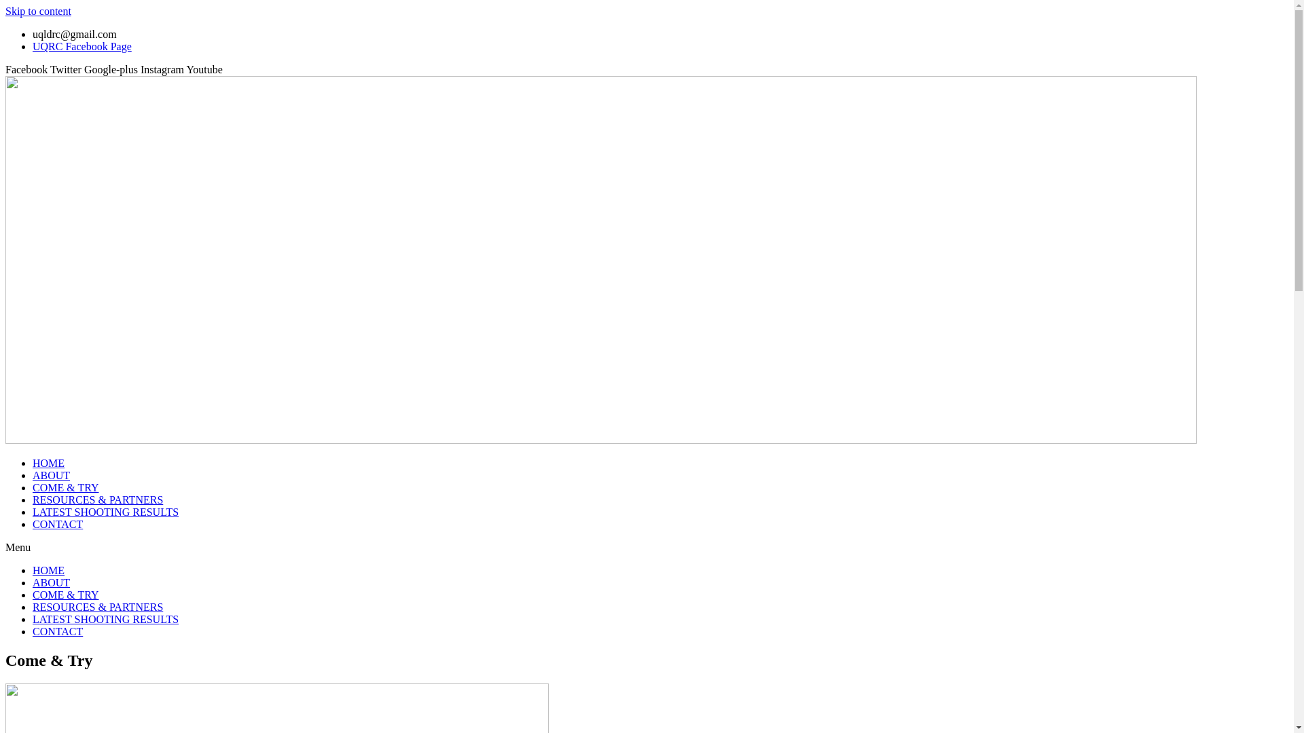 The width and height of the screenshot is (1304, 733). What do you see at coordinates (97, 500) in the screenshot?
I see `'RESOURCES & PARTNERS'` at bounding box center [97, 500].